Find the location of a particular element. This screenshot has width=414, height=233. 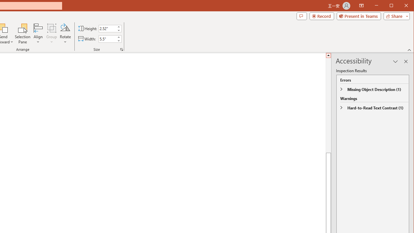

'Rotate' is located at coordinates (65, 34).